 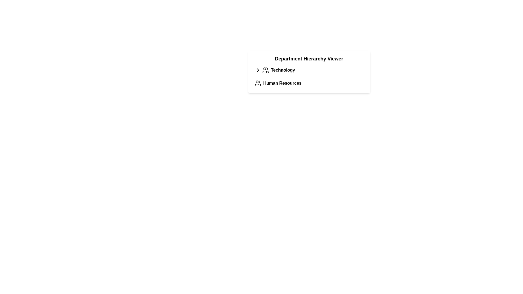 What do you see at coordinates (257, 70) in the screenshot?
I see `the interactive button located on the left side of the 'Technology' label` at bounding box center [257, 70].